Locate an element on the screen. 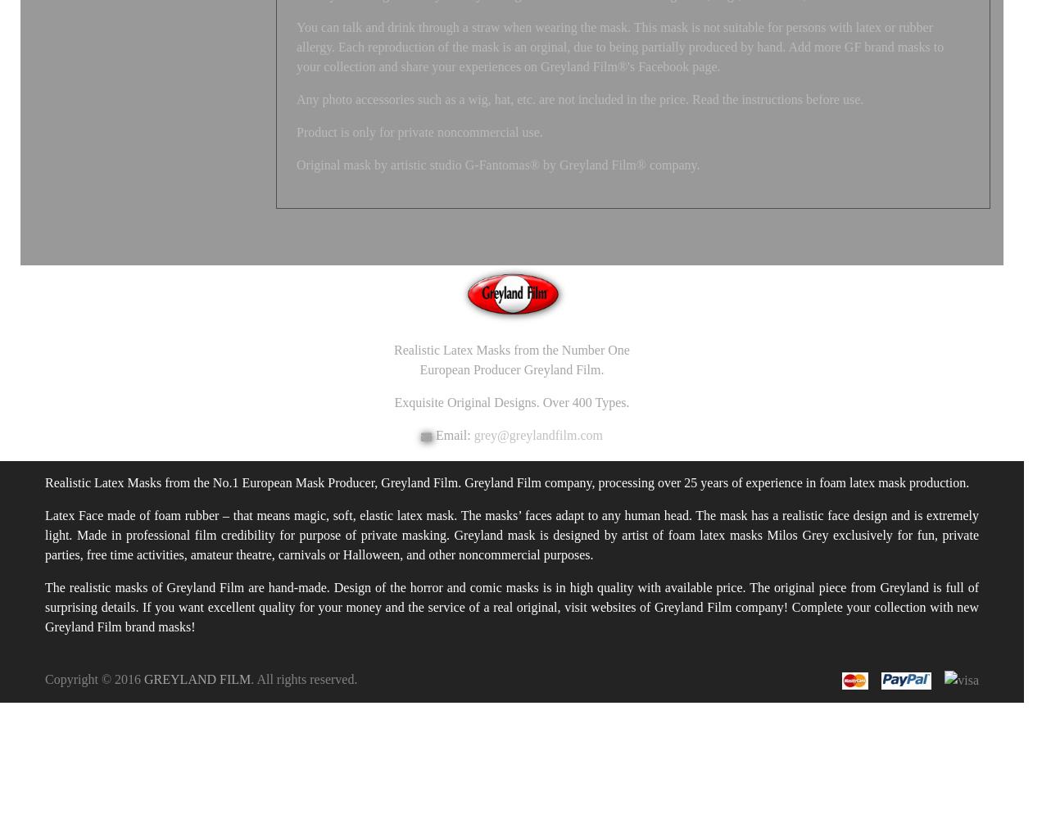  'Latex Face made of foam rubber – that means magic, soft, elastic latex mask. The masks’ faces adapt to any human head. The mask has a realistic face design and is extremely light. Made in professional film credibility for purpose of private masking. Greyland mask is designed by artist of foam latex masks Milos Grey exclusively for fun, private parties, free time activities, amateur theatre, carnivals or Halloween, and other noncommercial purposes.' is located at coordinates (45, 535).